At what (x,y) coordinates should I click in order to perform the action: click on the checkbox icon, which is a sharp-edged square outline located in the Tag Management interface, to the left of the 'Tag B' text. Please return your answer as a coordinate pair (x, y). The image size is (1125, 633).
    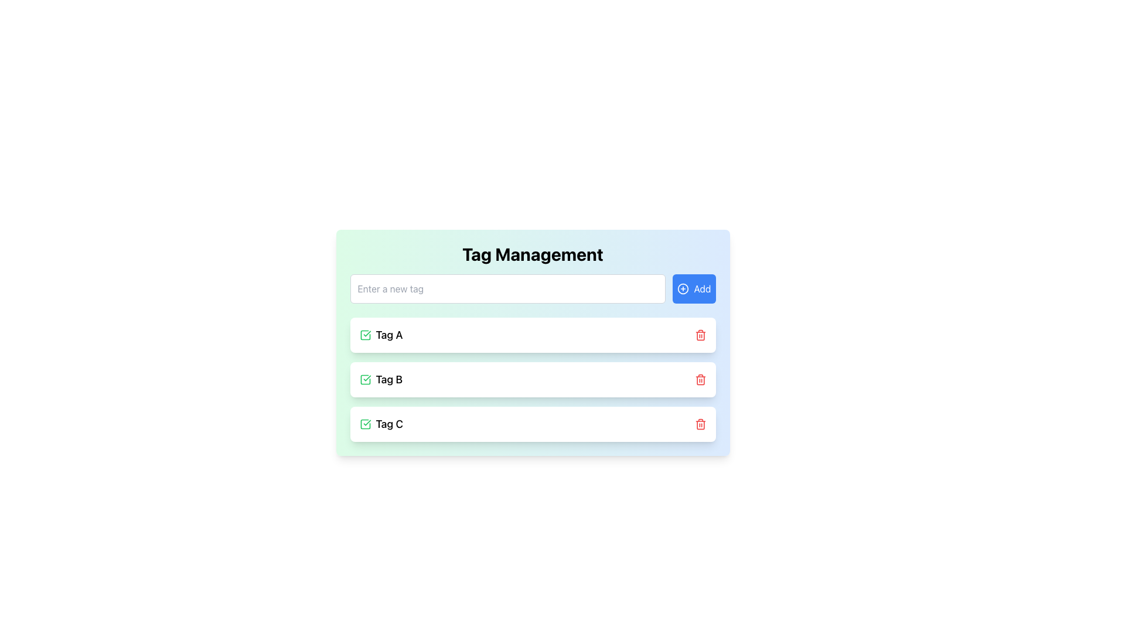
    Looking at the image, I should click on (364, 335).